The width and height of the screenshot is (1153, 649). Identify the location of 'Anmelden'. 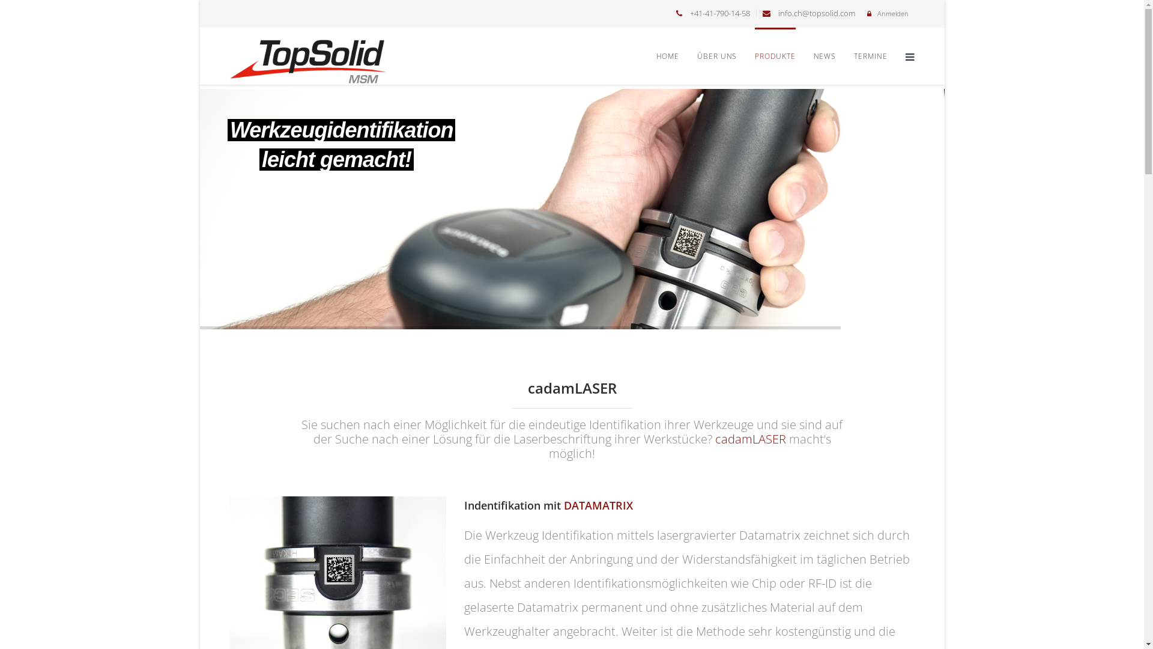
(892, 13).